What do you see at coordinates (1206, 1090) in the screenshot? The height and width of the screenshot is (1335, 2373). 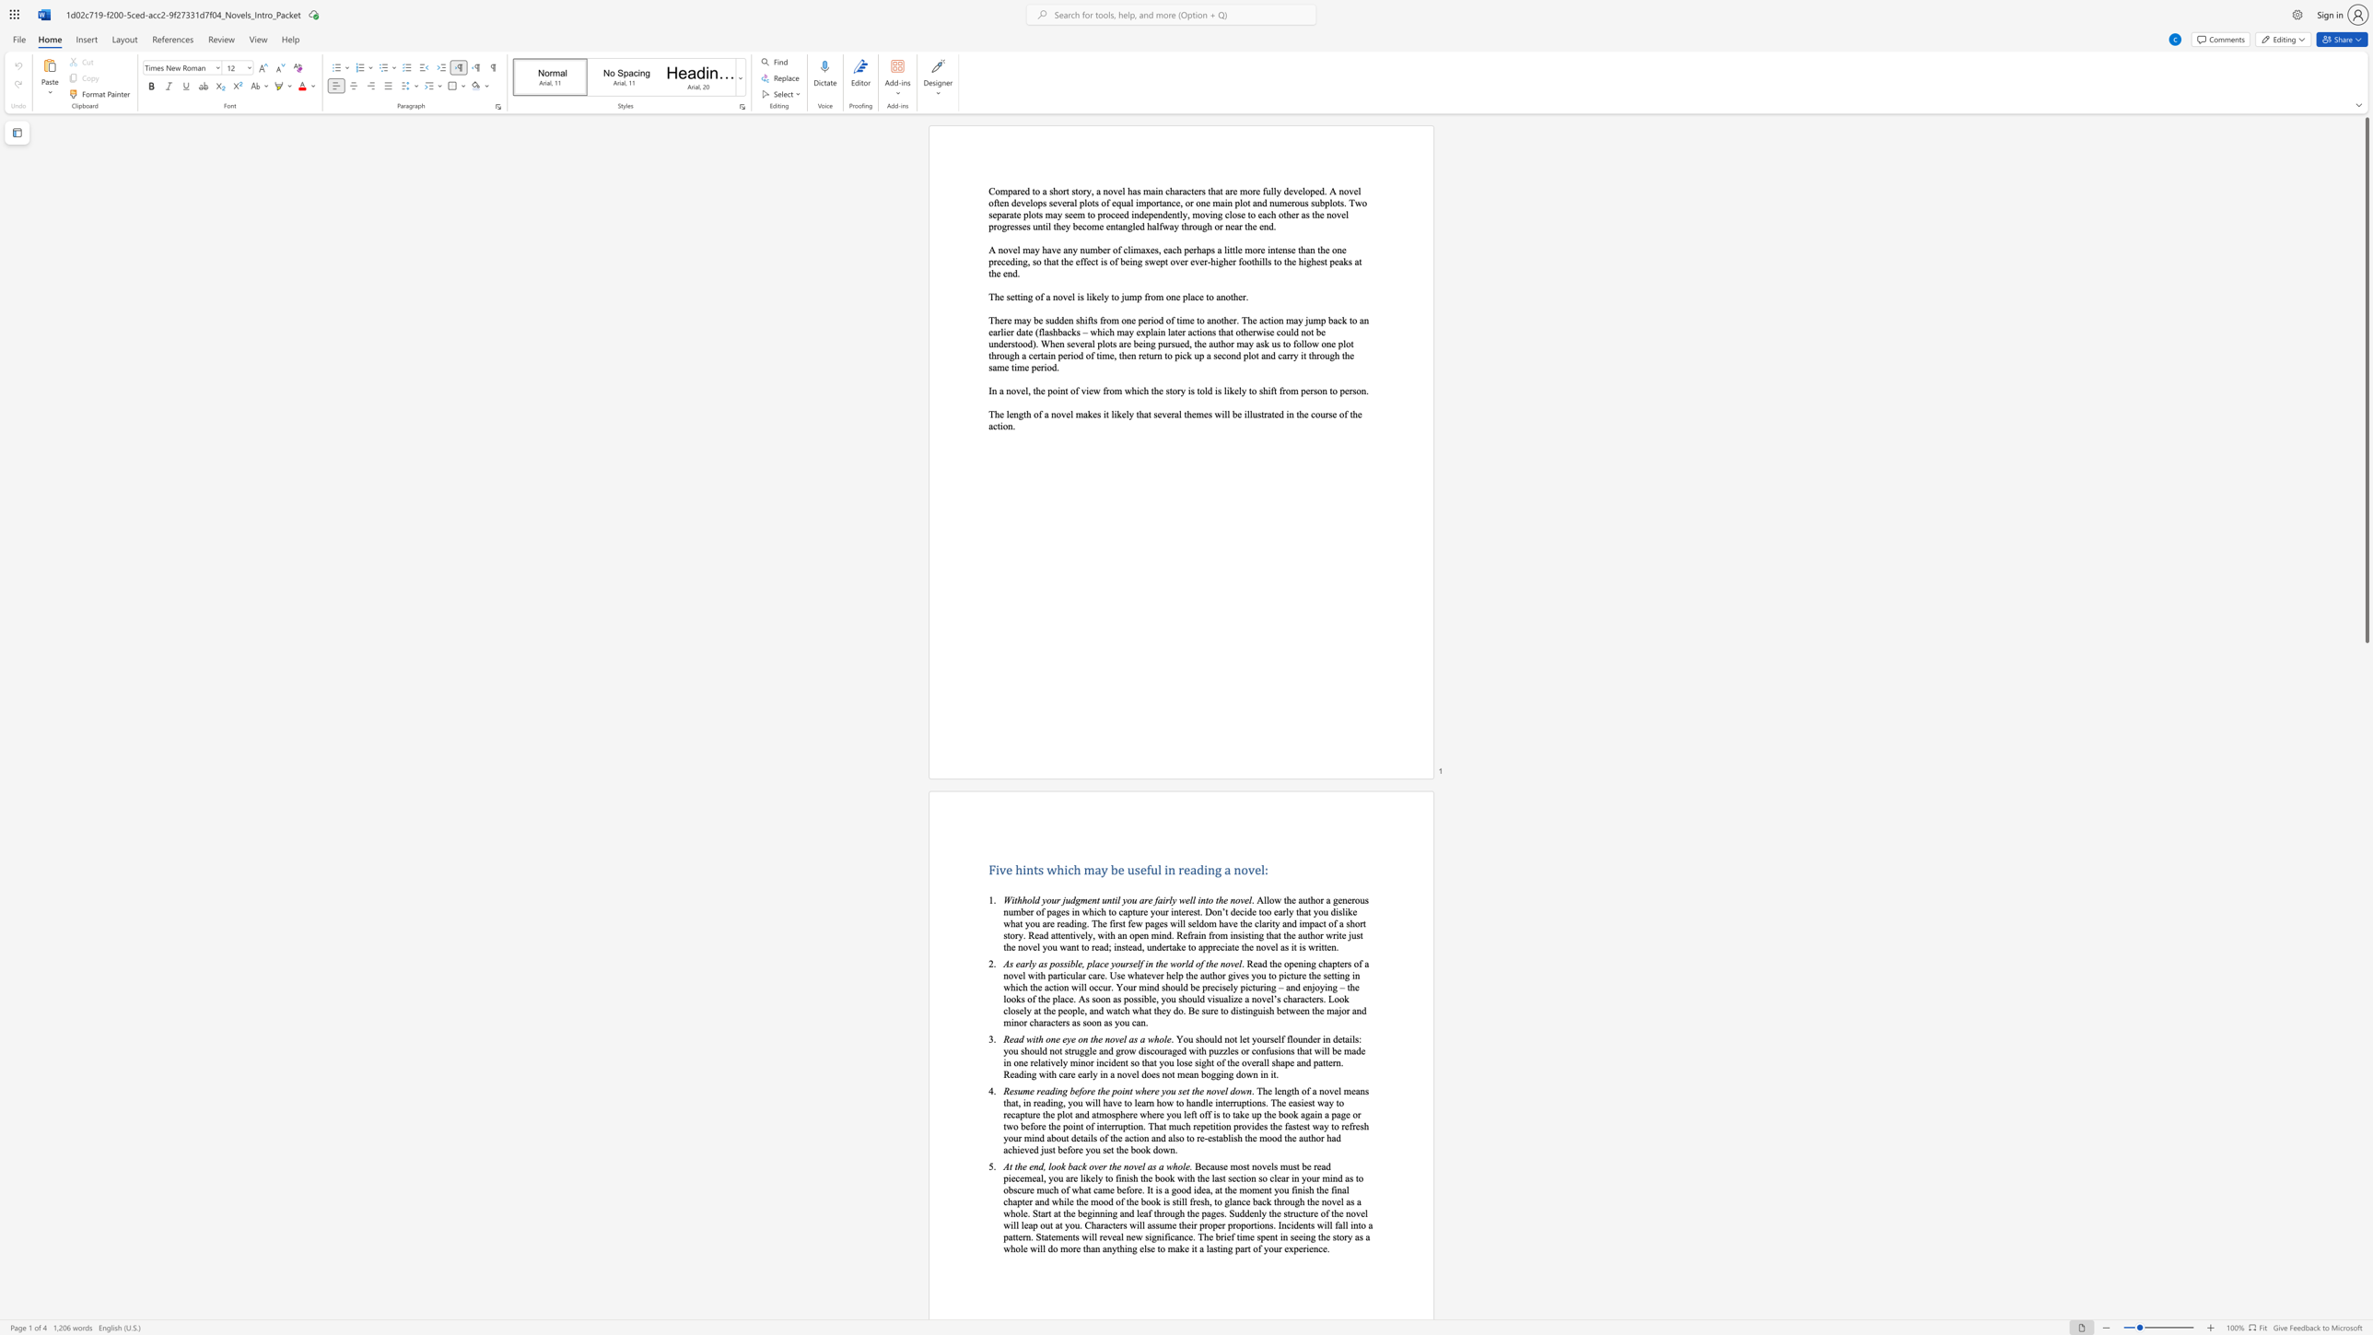 I see `the subset text "novel d" within the text "Resume reading before the point where you set the novel down"` at bounding box center [1206, 1090].